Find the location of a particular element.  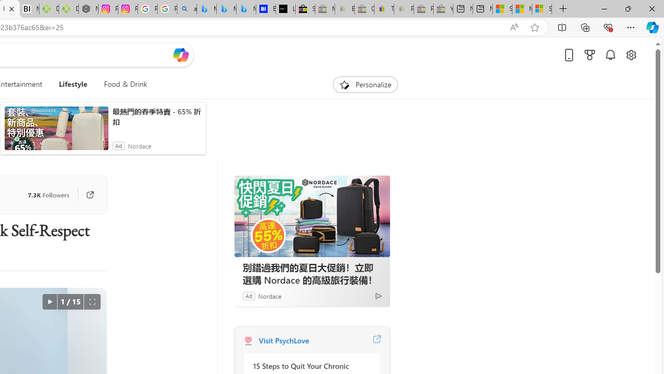

'autorotate button' is located at coordinates (49, 302).